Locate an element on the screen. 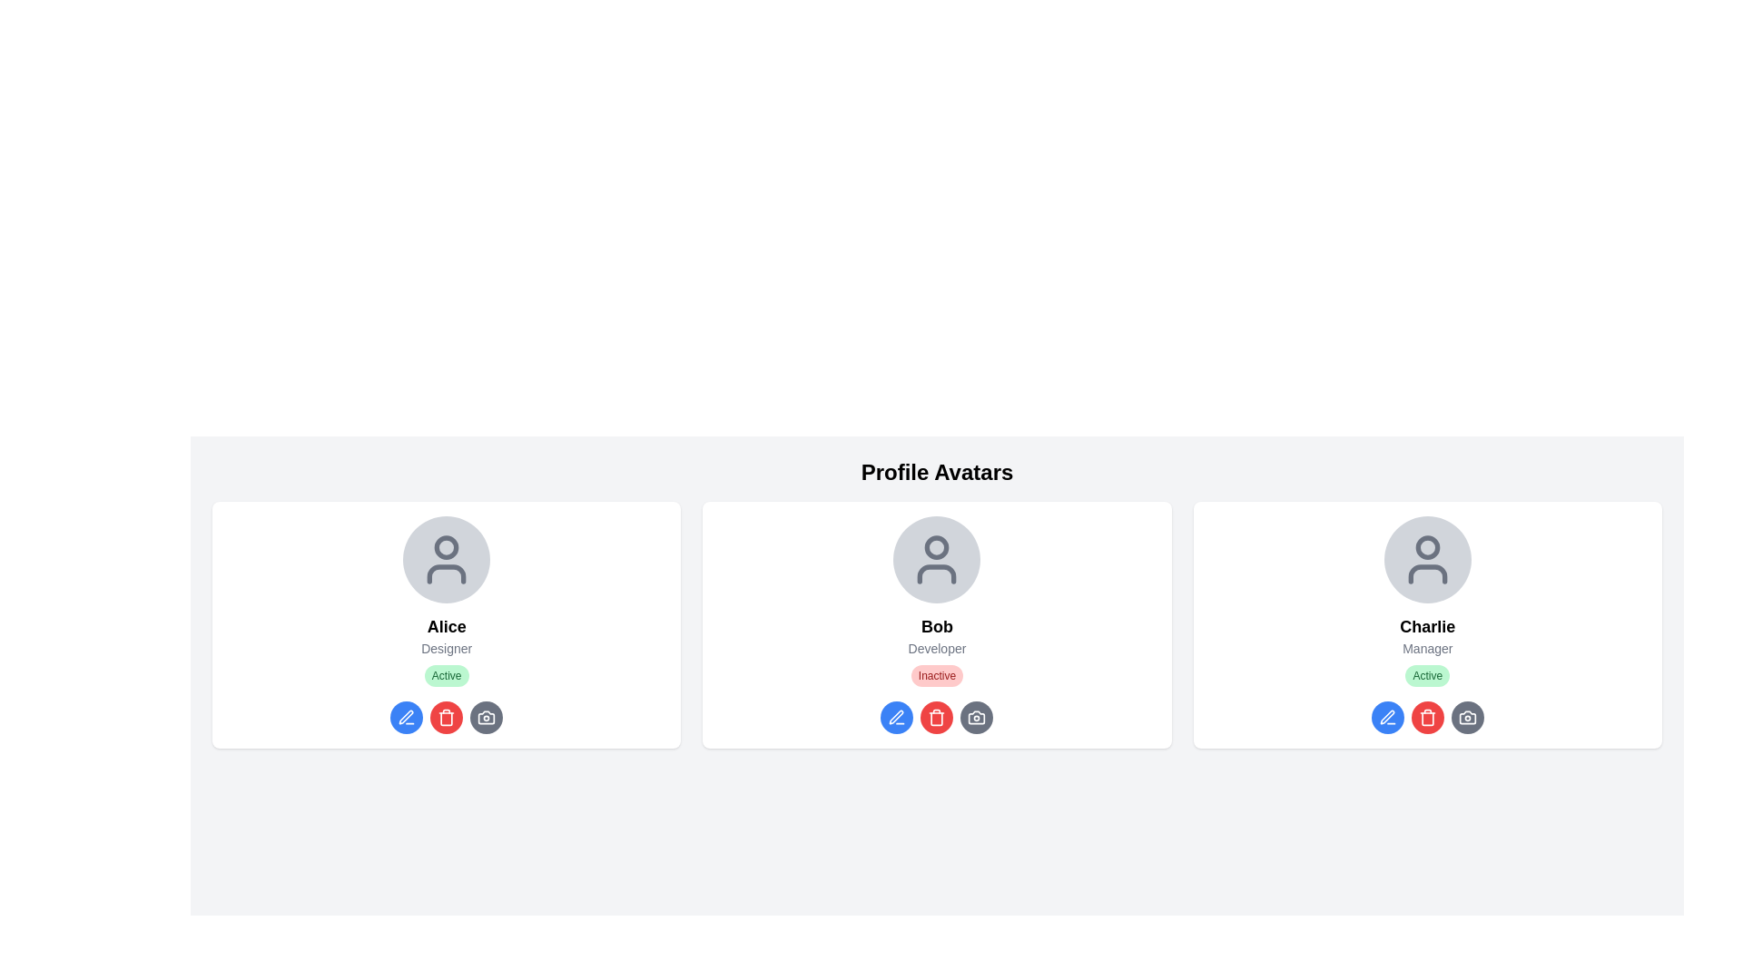 This screenshot has height=980, width=1743. the rightmost button with a camera icon in the bottom section of Alice's card is located at coordinates (487, 716).